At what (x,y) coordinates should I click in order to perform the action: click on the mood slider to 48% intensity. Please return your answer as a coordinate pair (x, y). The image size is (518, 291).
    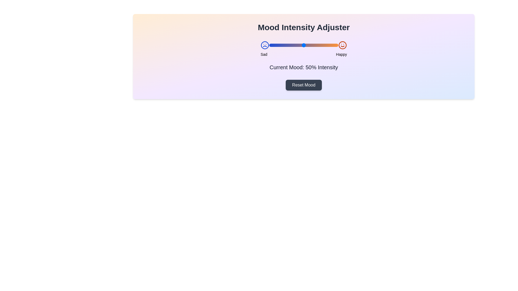
    Looking at the image, I should click on (302, 45).